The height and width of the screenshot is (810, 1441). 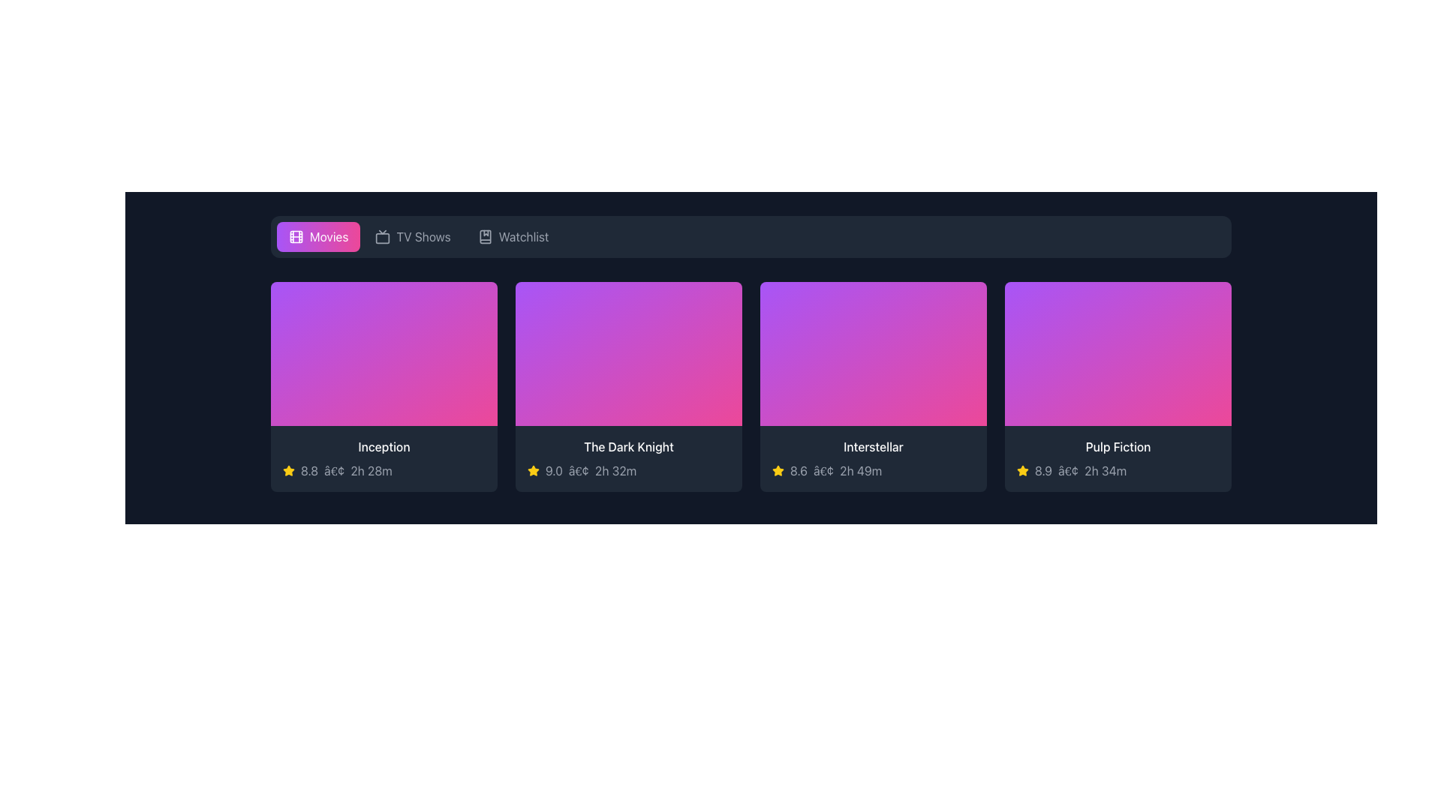 What do you see at coordinates (485, 236) in the screenshot?
I see `the stylized bookmark icon located to the left of the 'Watchlist' text in the top navigation bar` at bounding box center [485, 236].